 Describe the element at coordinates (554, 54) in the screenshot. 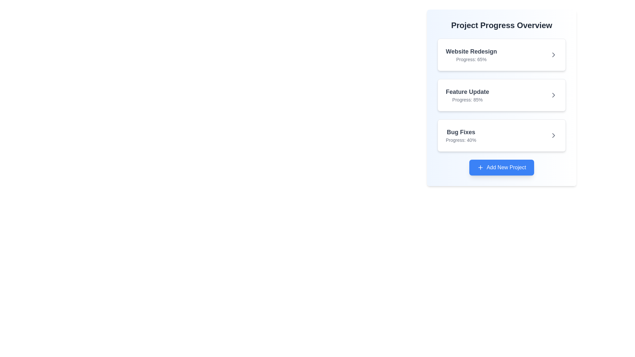

I see `the right-chevron vector icon located at the right end of the 'Website Redesign' item in the navigation interface` at that location.